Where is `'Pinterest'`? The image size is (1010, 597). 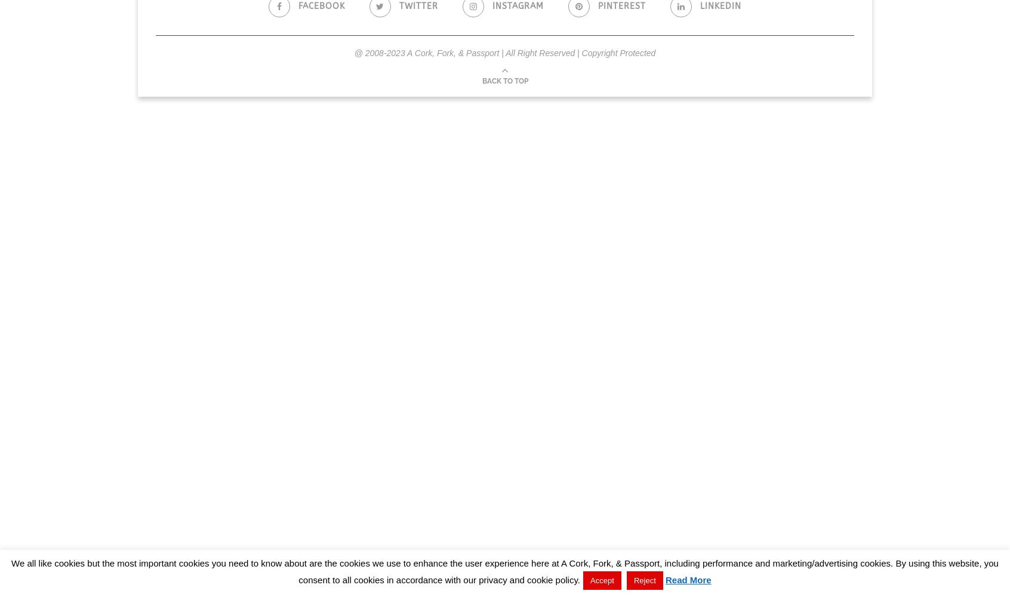 'Pinterest' is located at coordinates (598, 6).